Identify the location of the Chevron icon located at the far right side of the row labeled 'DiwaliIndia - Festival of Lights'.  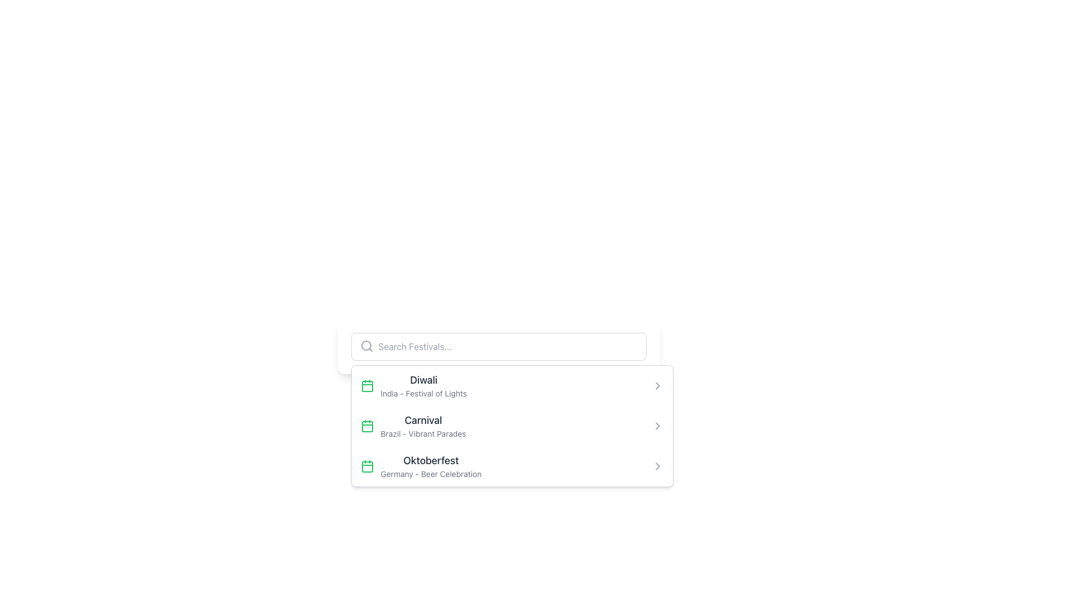
(657, 385).